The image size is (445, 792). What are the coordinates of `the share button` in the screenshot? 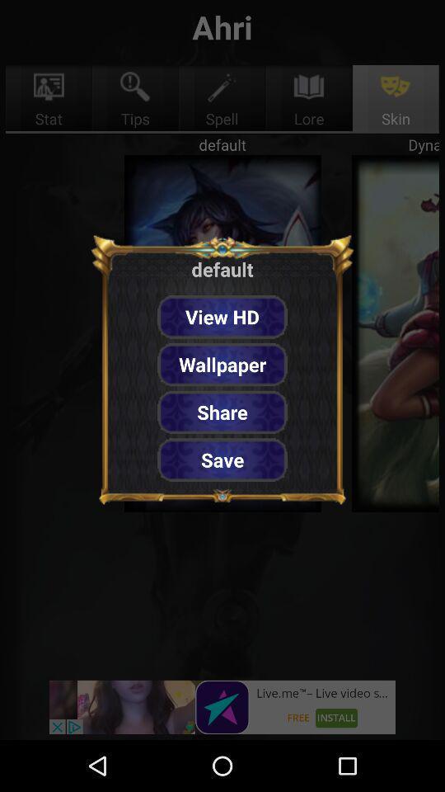 It's located at (222, 411).